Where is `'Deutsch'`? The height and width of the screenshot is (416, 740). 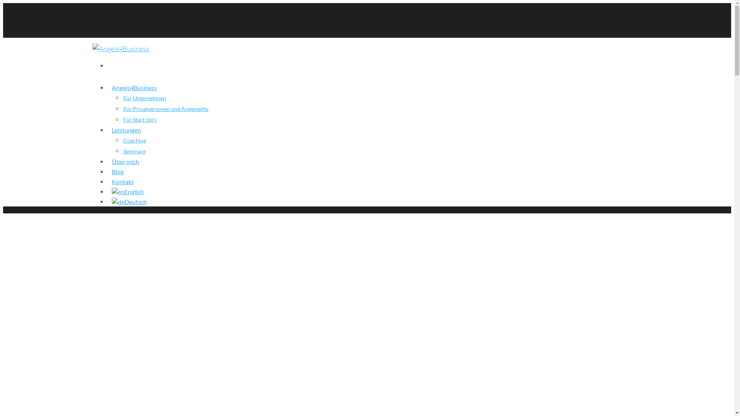
'Deutsch' is located at coordinates (129, 204).